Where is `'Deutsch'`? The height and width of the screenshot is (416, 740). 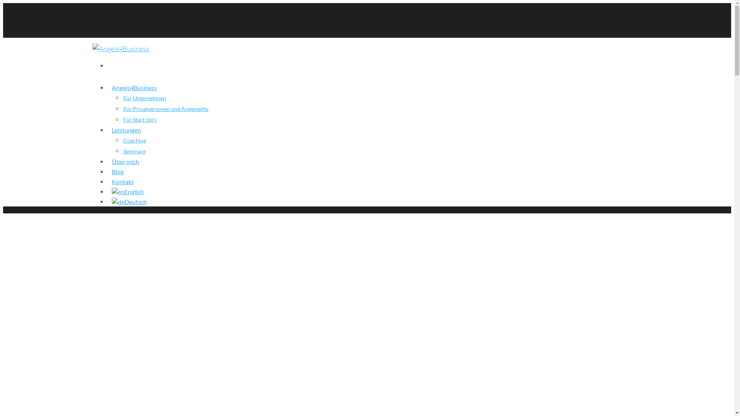
'Deutsch' is located at coordinates (129, 204).